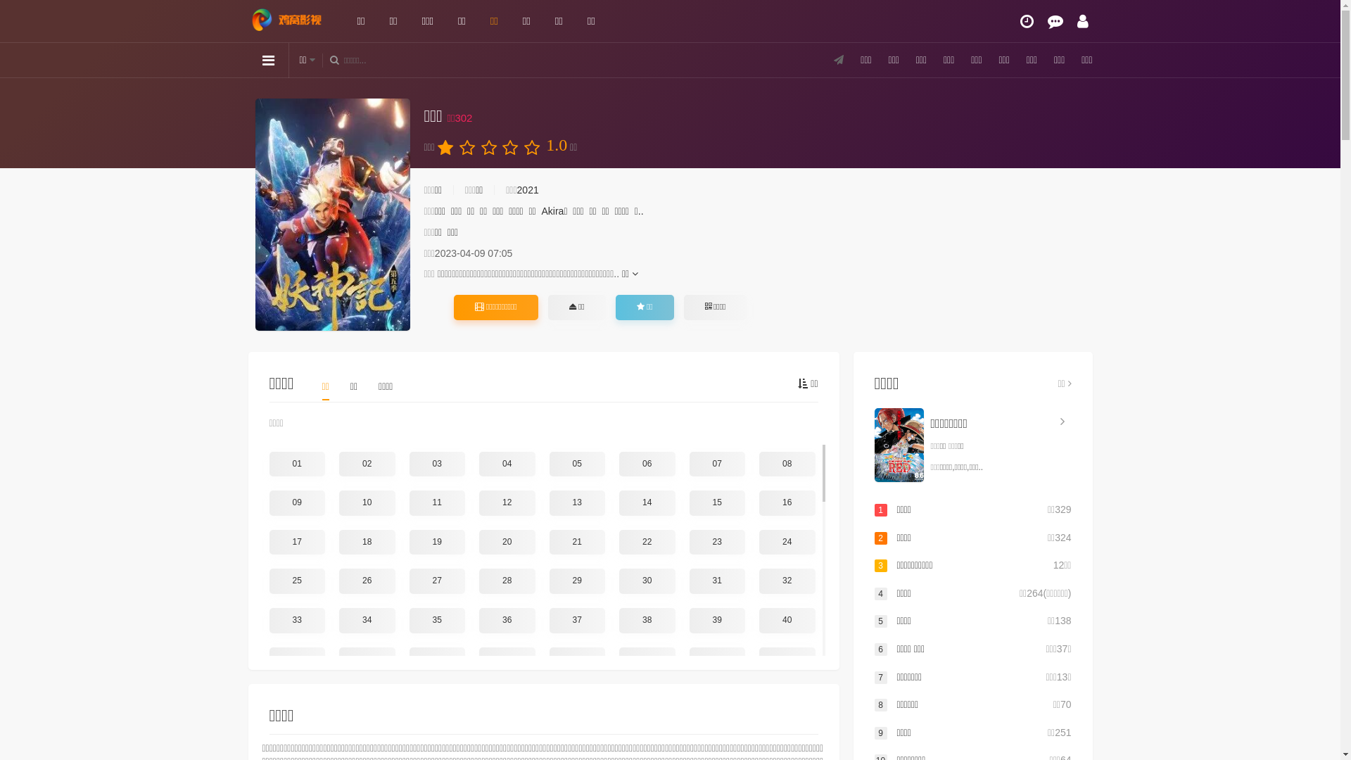 The width and height of the screenshot is (1351, 760). I want to click on '2021', so click(527, 190).